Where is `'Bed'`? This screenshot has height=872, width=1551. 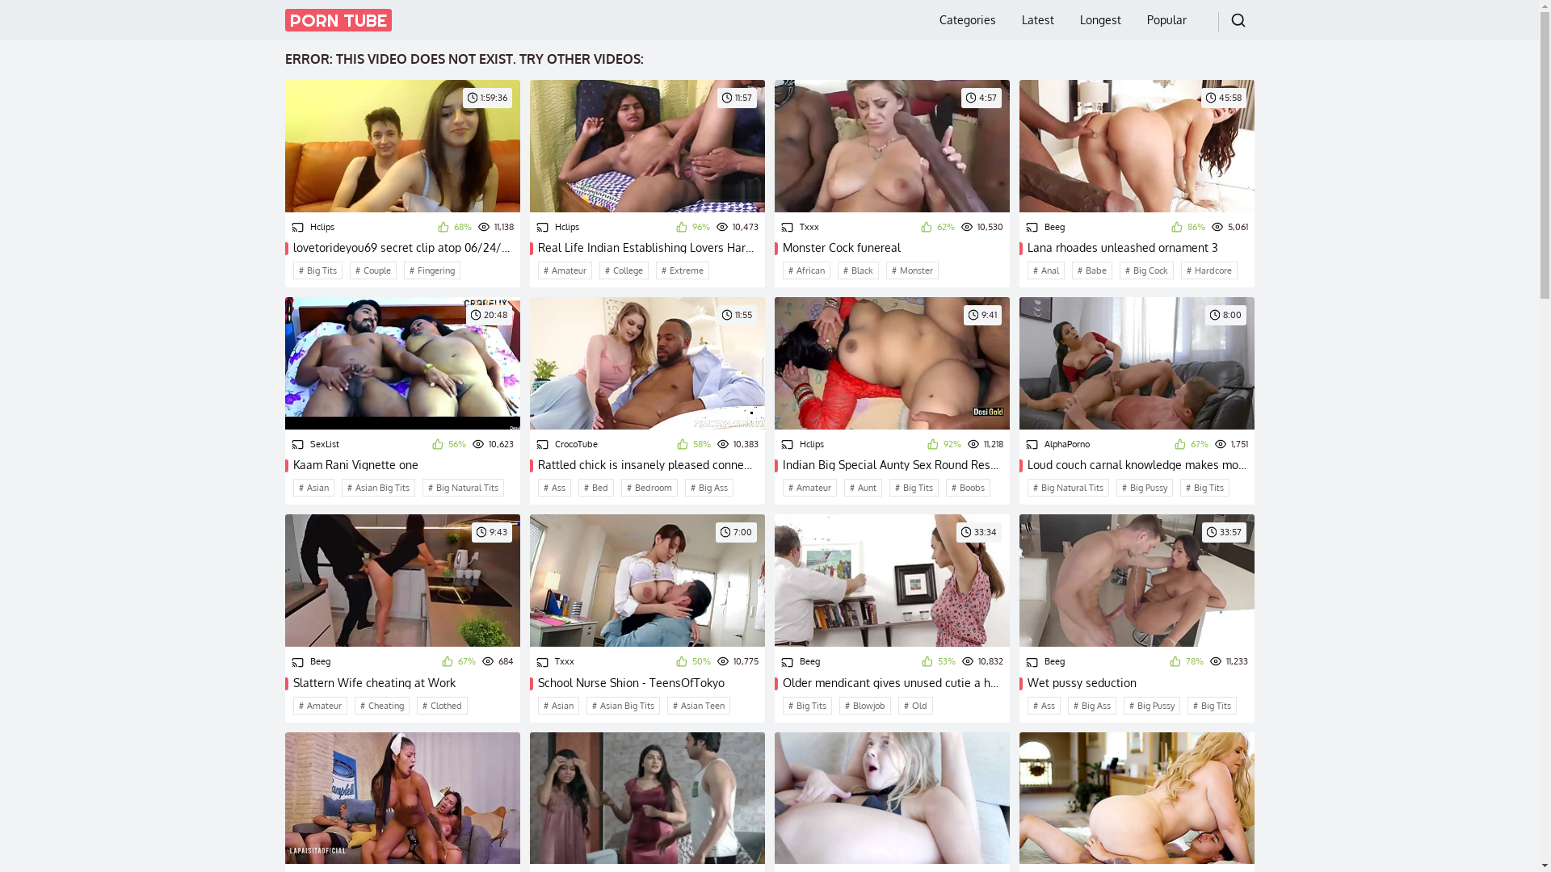 'Bed' is located at coordinates (595, 487).